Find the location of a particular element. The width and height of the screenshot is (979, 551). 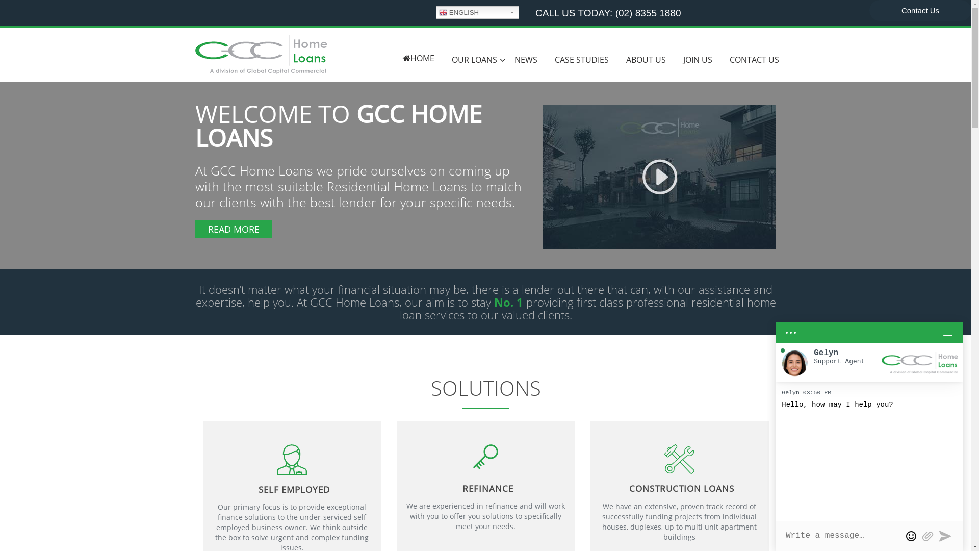

'NEWS' is located at coordinates (526, 60).